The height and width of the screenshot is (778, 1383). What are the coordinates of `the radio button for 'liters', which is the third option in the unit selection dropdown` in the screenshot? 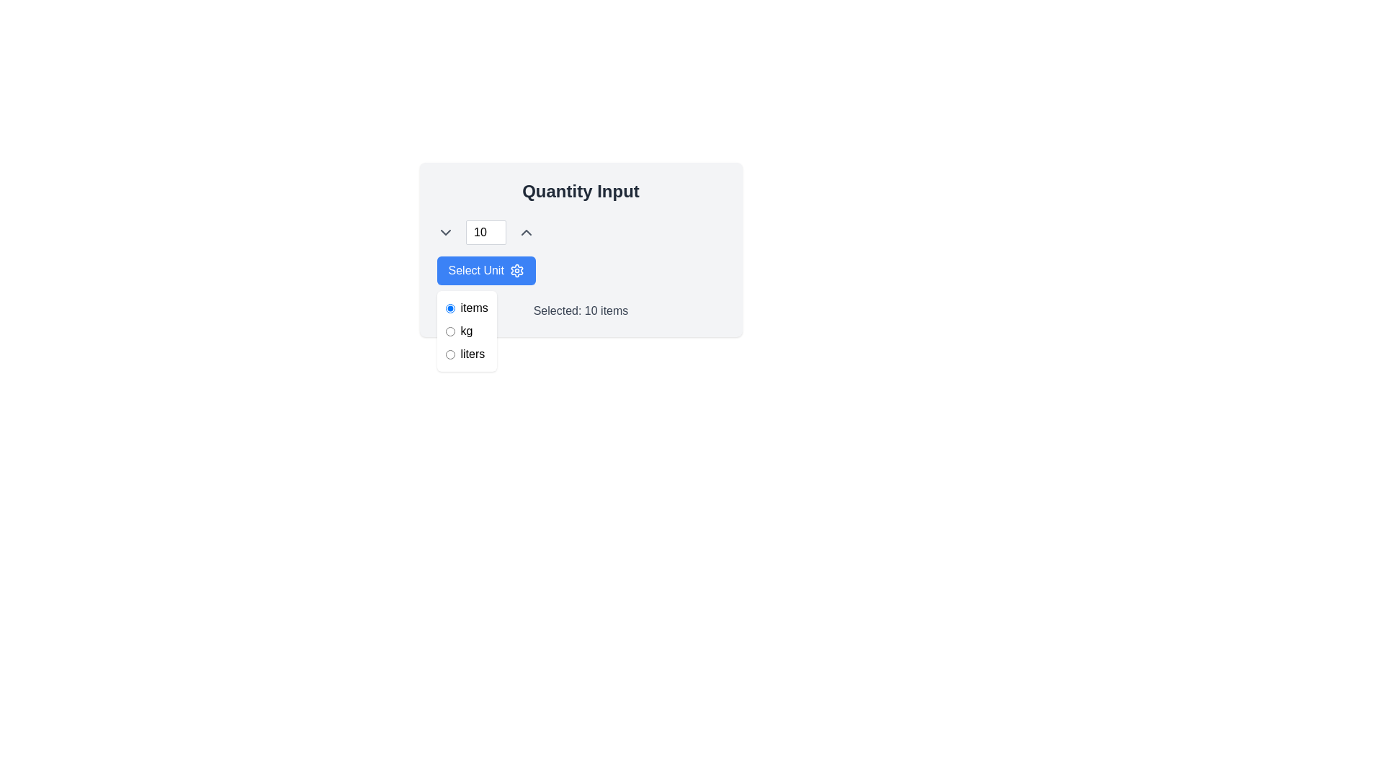 It's located at (449, 354).